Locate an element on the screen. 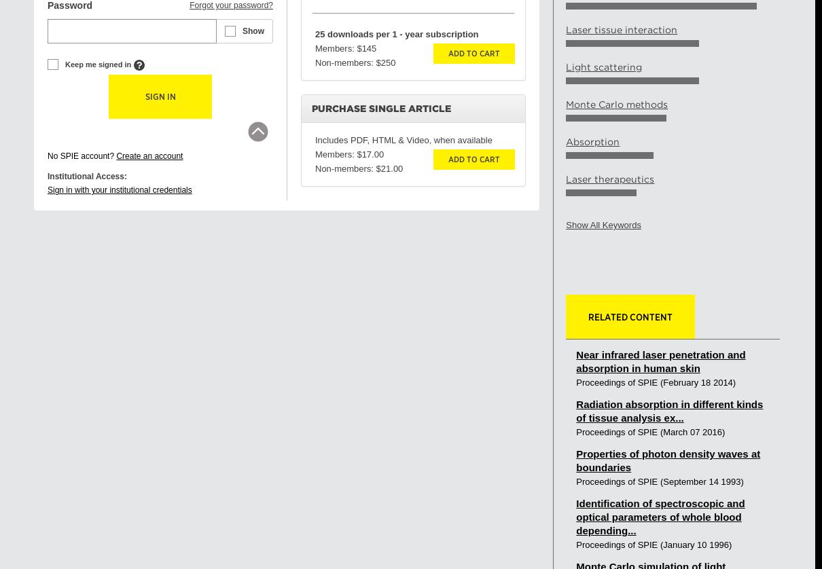  'Proceedings of SPIE (September 14 1993)' is located at coordinates (660, 481).